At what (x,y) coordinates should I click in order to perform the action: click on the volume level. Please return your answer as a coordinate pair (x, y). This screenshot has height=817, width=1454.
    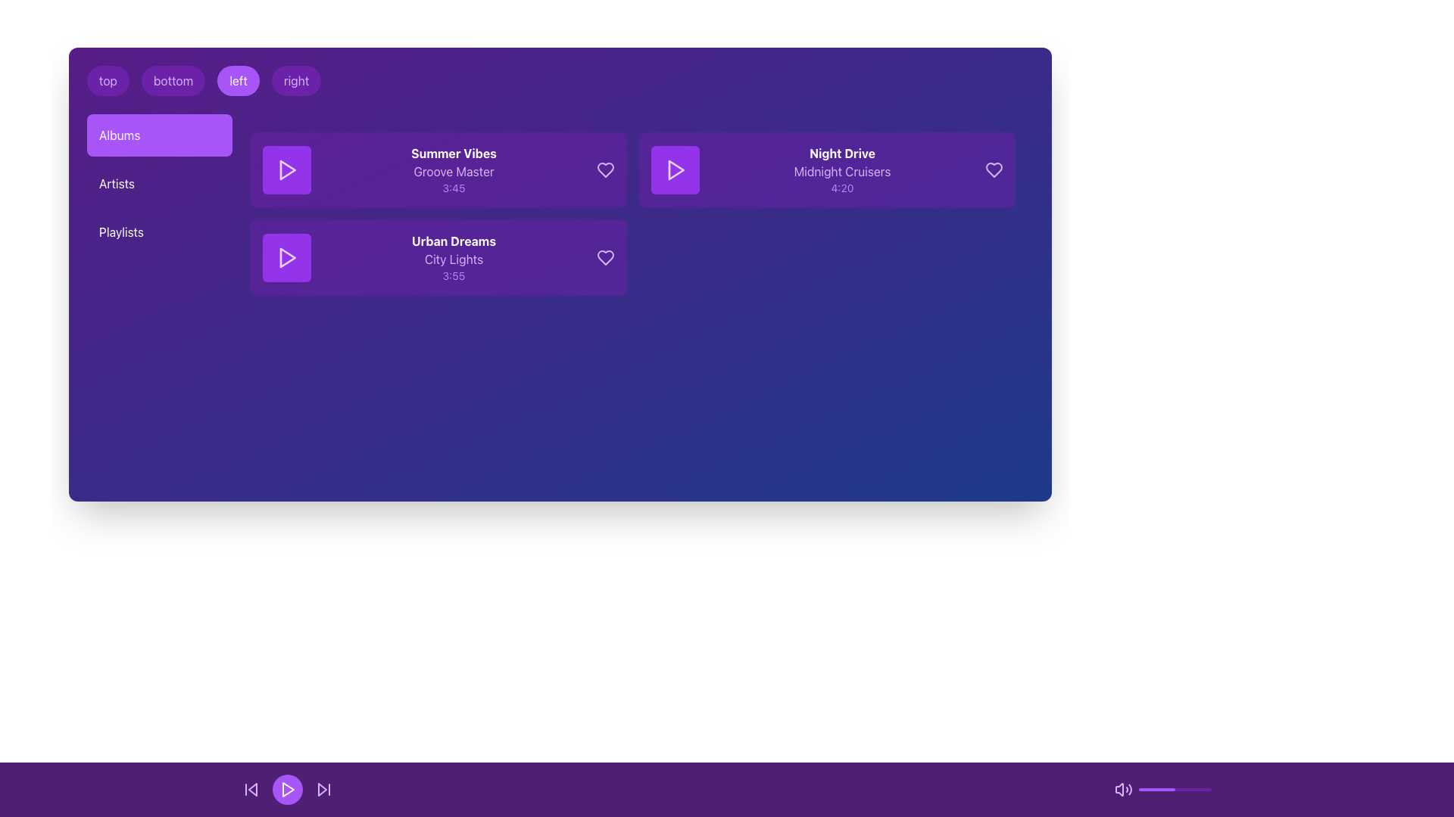
    Looking at the image, I should click on (1153, 789).